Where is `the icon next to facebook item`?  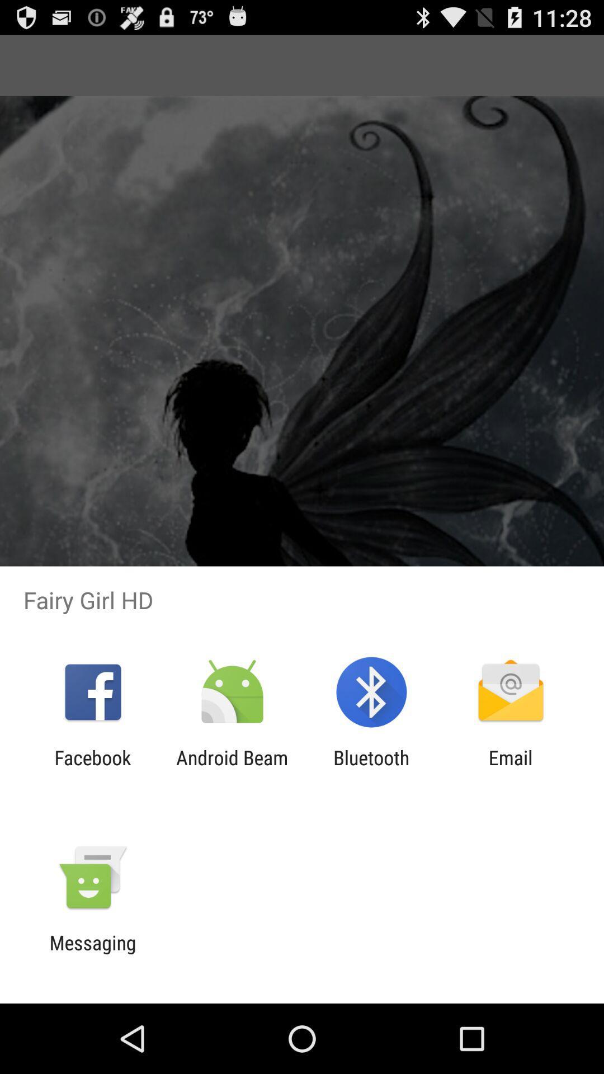 the icon next to facebook item is located at coordinates (232, 769).